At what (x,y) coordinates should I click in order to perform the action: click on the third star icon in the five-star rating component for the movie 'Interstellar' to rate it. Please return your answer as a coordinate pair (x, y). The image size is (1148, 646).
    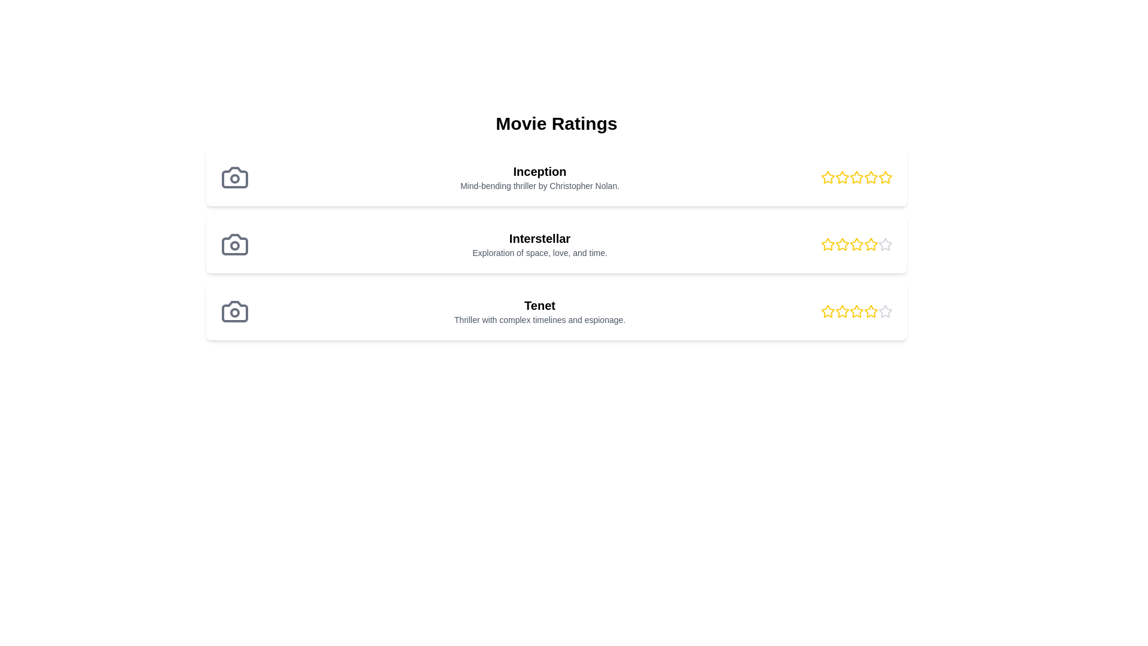
    Looking at the image, I should click on (842, 243).